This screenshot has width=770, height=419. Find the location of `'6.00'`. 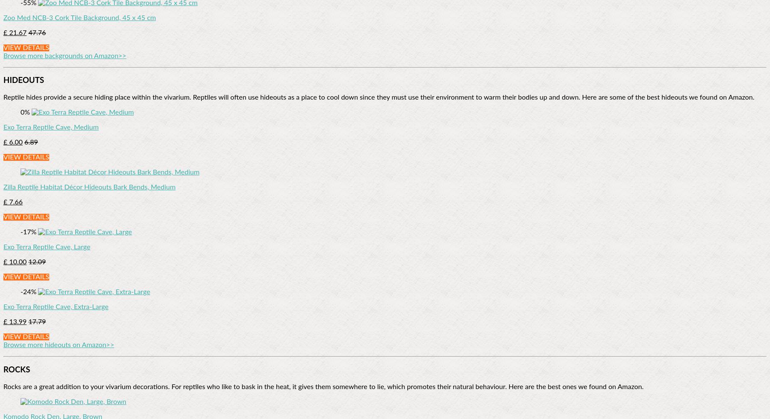

'6.00' is located at coordinates (6, 142).